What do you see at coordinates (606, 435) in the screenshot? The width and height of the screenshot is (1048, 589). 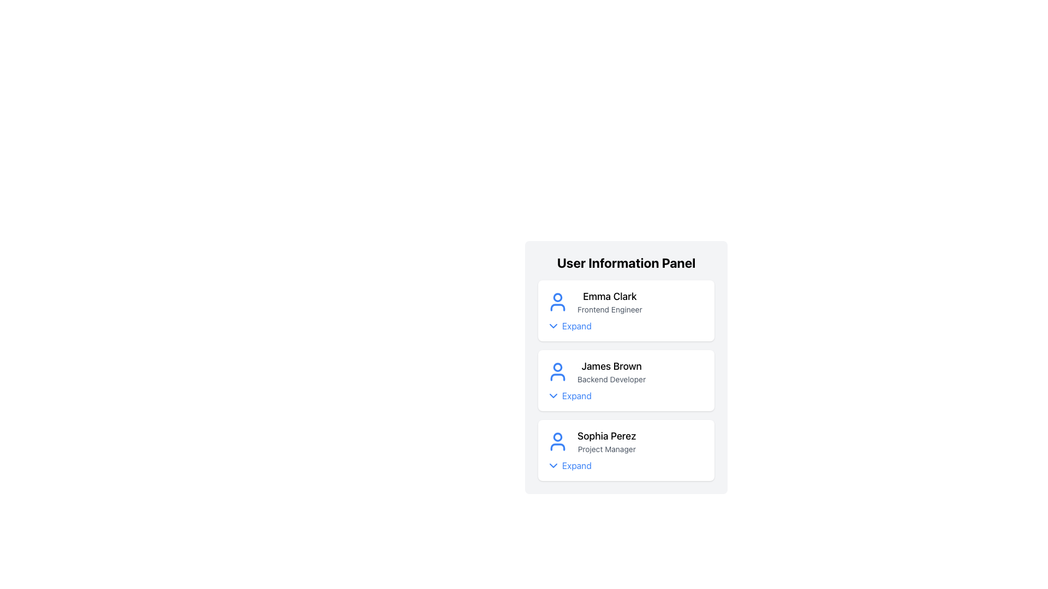 I see `the text label displaying the user's name 'Sophia Perez'` at bounding box center [606, 435].